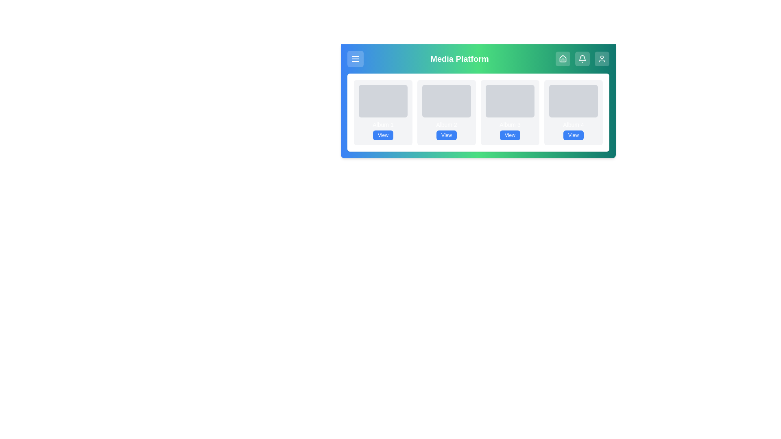  Describe the element at coordinates (581, 59) in the screenshot. I see `the notifications button to navigate to the corresponding section` at that location.